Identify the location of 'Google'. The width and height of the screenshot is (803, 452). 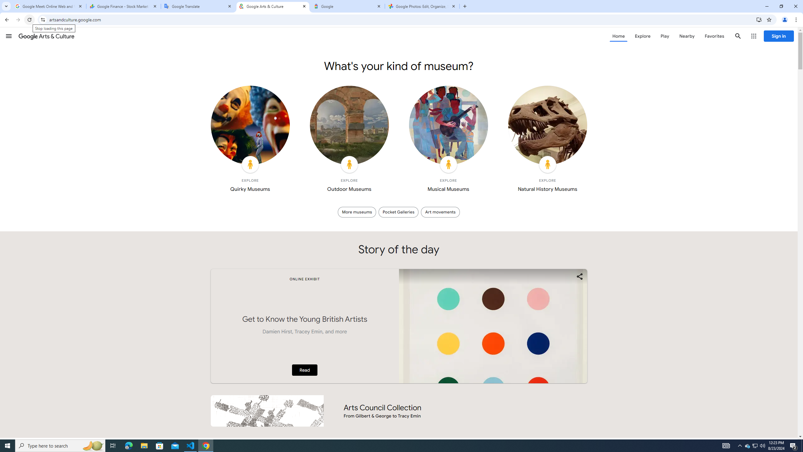
(348, 6).